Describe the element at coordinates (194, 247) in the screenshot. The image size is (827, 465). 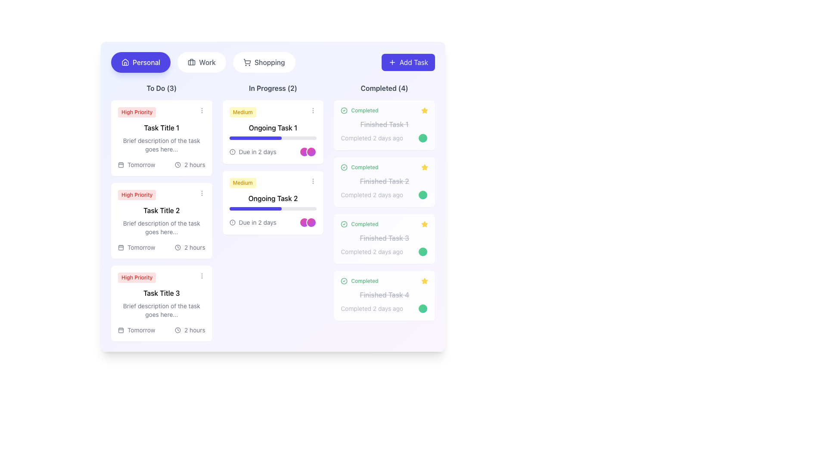
I see `the text label displaying '2 hours', which is located to the right of the clock icon in the bottom-right corner of the 'Task Title 2' card in the 'To Do' column` at that location.